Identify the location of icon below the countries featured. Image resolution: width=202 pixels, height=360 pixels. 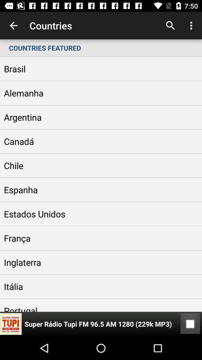
(190, 324).